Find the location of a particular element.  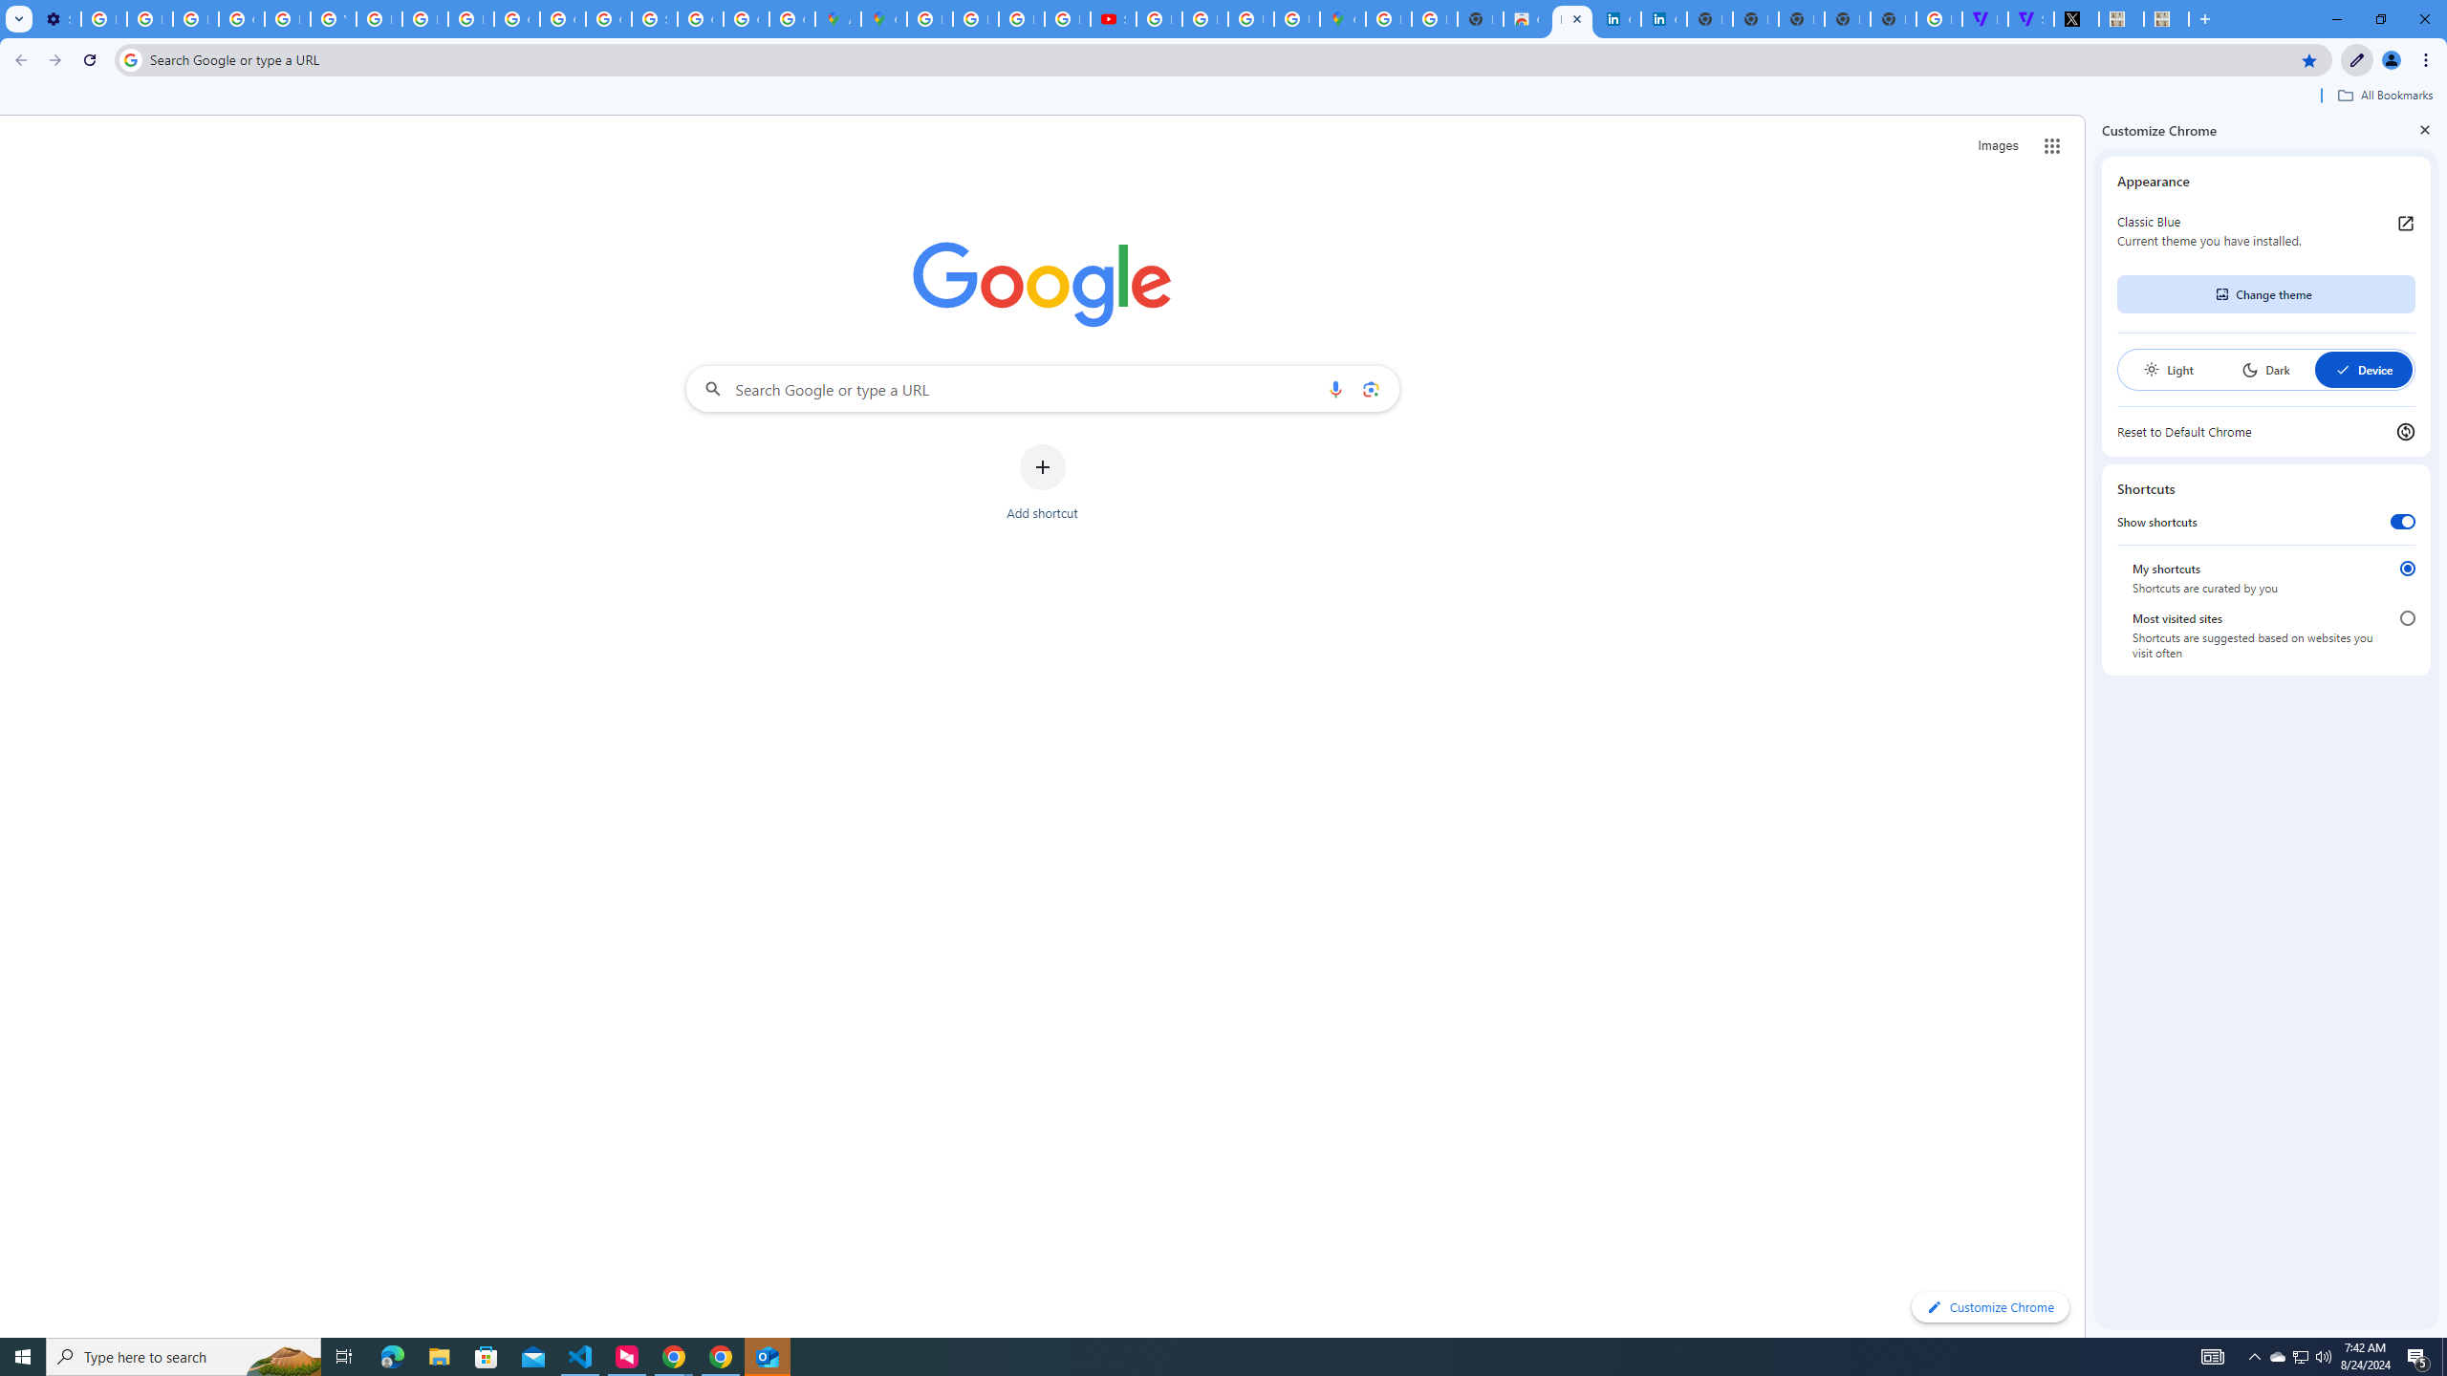

'Delete photos & videos - Computer - Google Photos Help' is located at coordinates (102, 18).